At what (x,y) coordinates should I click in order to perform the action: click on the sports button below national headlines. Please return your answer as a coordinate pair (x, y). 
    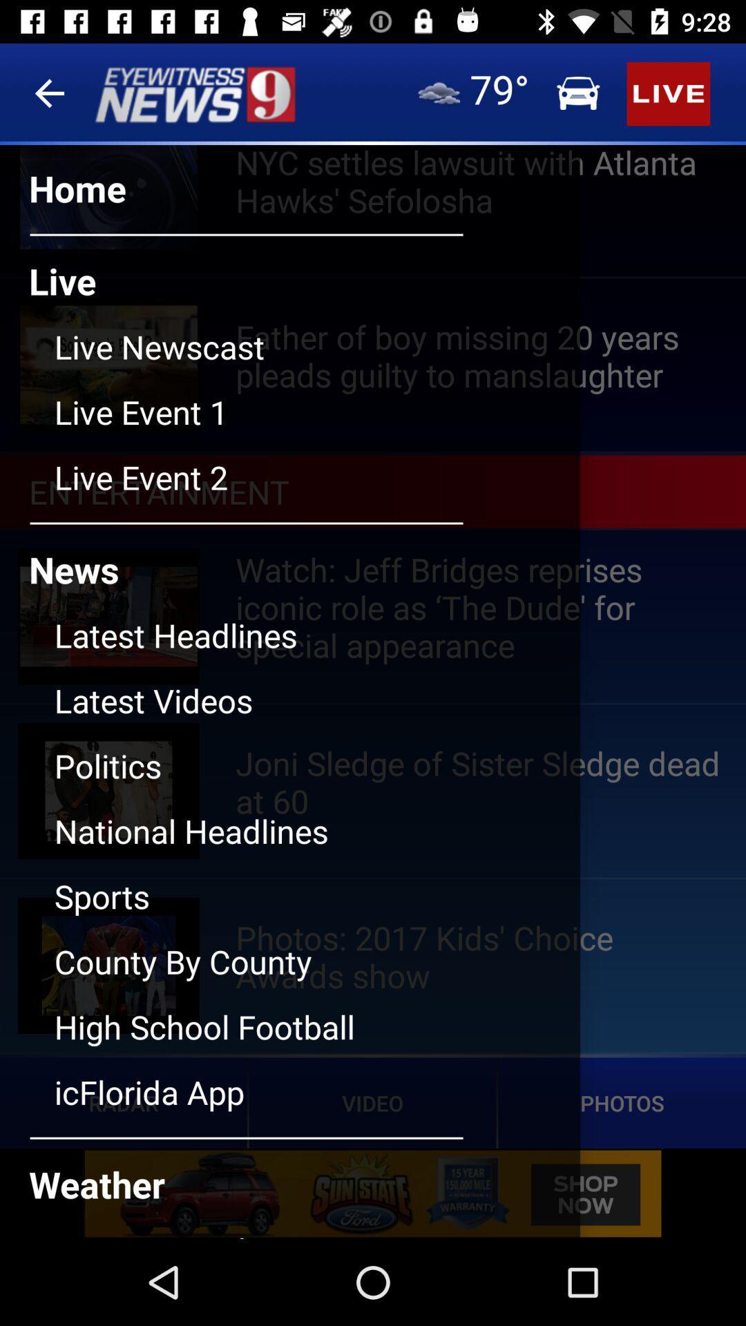
    Looking at the image, I should click on (317, 907).